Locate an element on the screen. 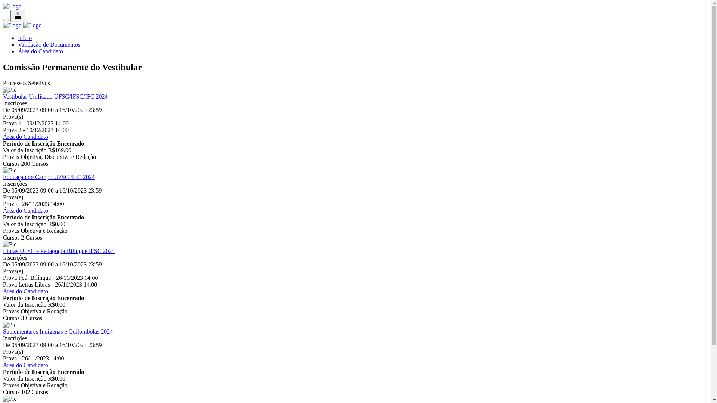  'Vestibular Unificado UFSC/IFSC/IFC 2024' is located at coordinates (55, 96).